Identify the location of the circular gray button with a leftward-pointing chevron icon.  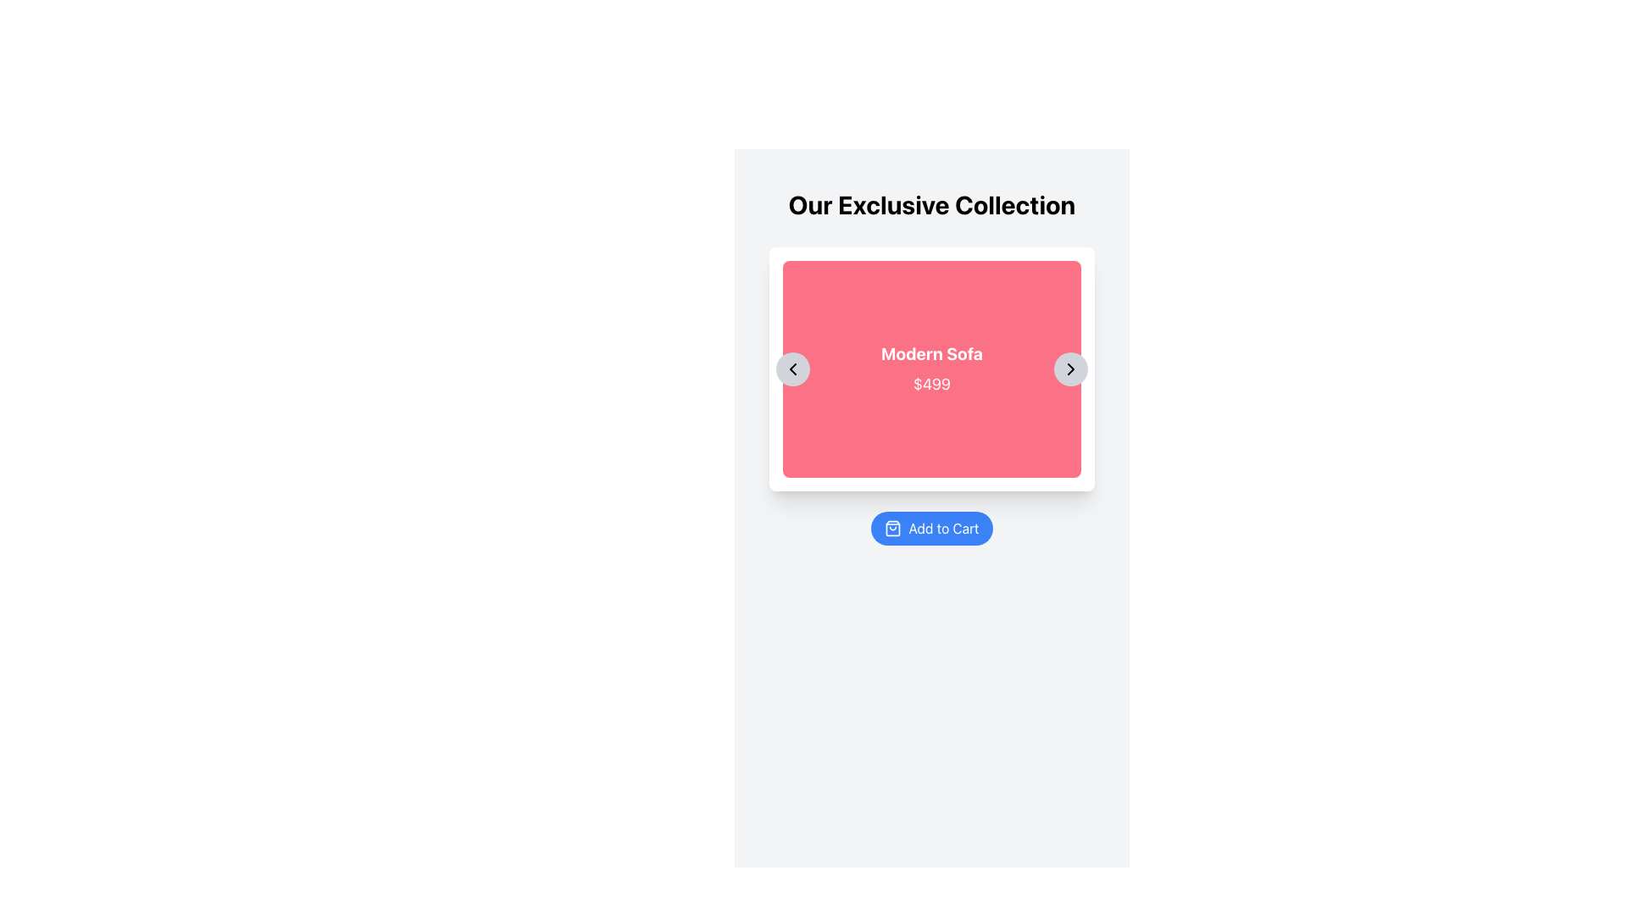
(792, 368).